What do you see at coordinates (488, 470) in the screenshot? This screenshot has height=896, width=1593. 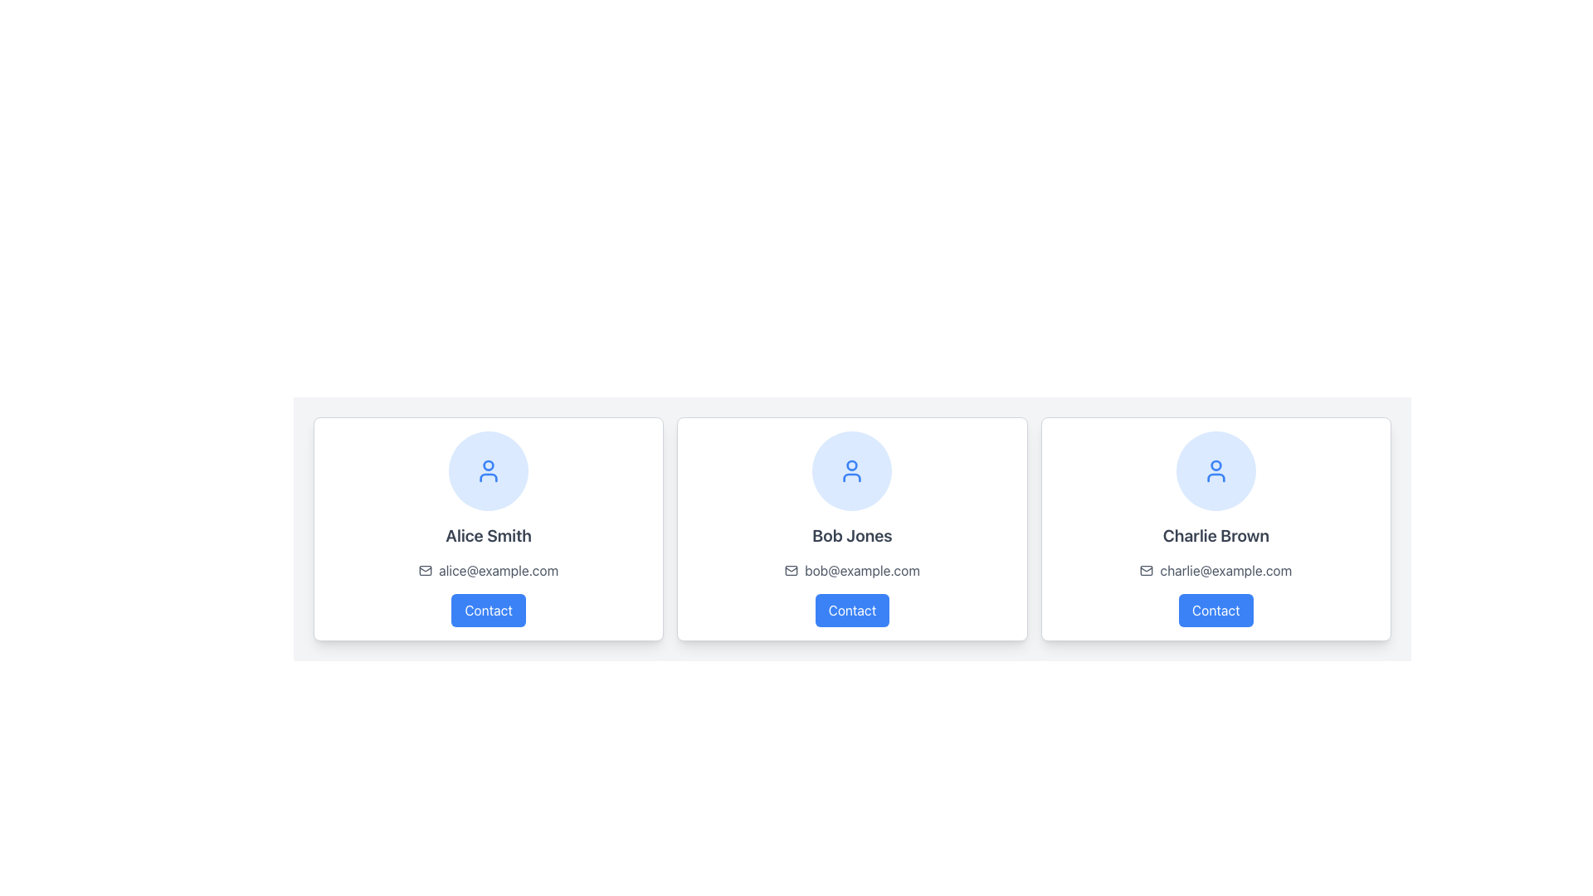 I see `the circular light blue icon with a user symbol for 'Alice Smith', positioned above the text elements` at bounding box center [488, 470].